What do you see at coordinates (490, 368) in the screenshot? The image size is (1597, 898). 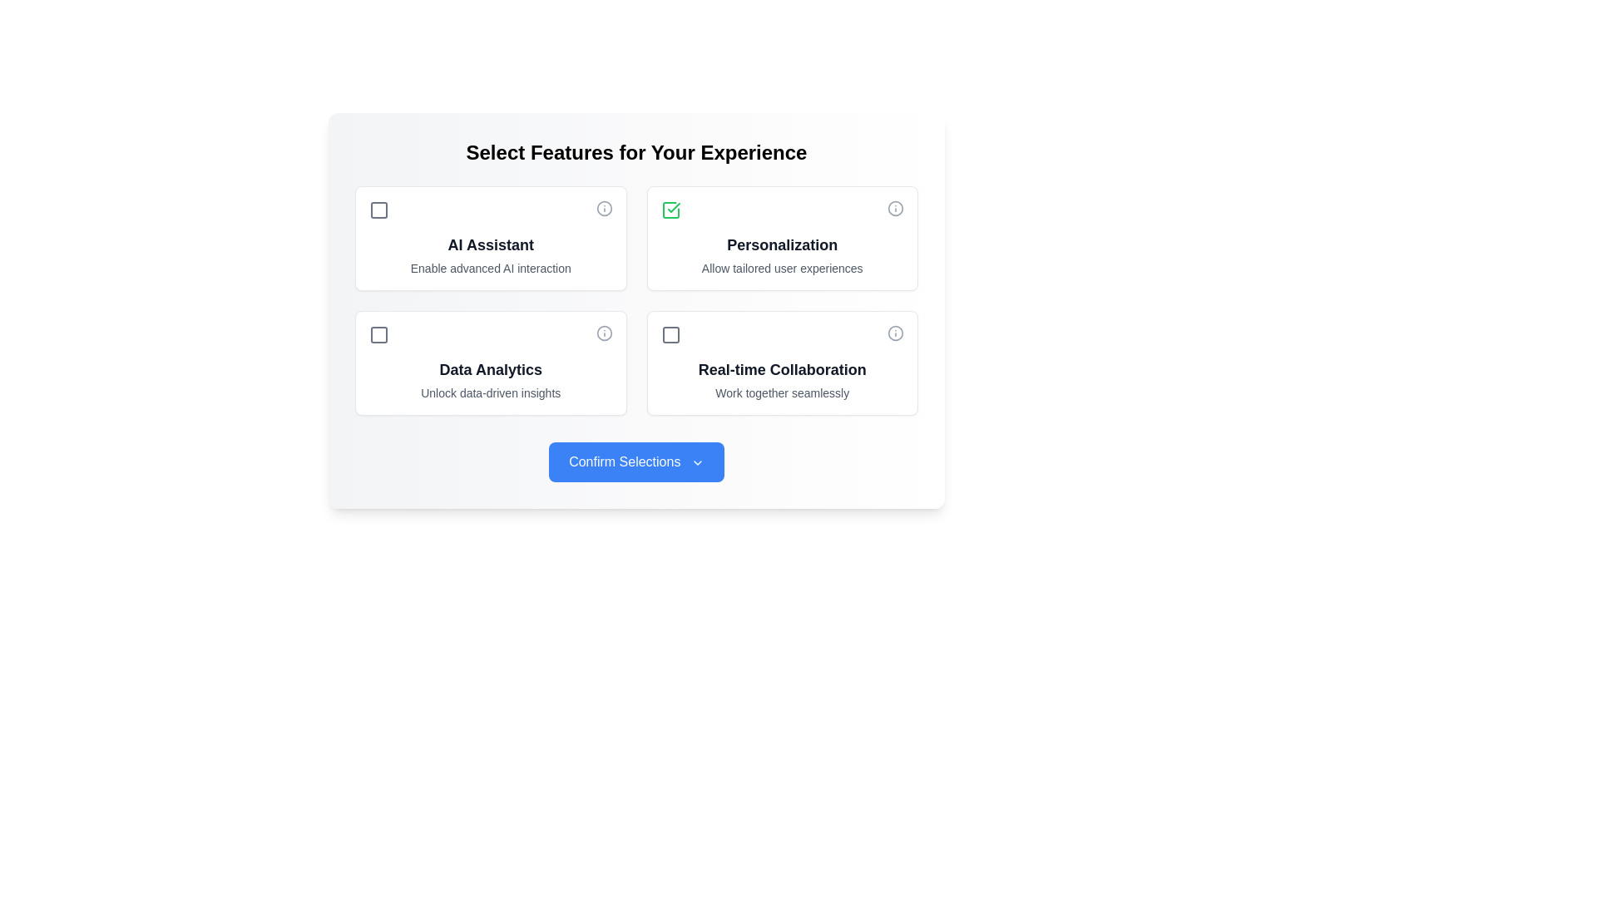 I see `the 'Data Analytics' text label displayed in bold and large font located in the lower-left section of the feature grid, positioned above the subtitle 'Unlock data-driven insights'` at bounding box center [490, 368].